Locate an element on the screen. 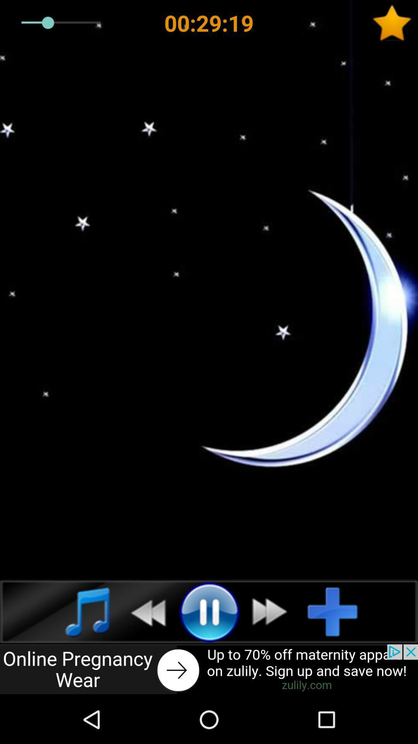 The width and height of the screenshot is (418, 744). pause sound is located at coordinates (209, 611).